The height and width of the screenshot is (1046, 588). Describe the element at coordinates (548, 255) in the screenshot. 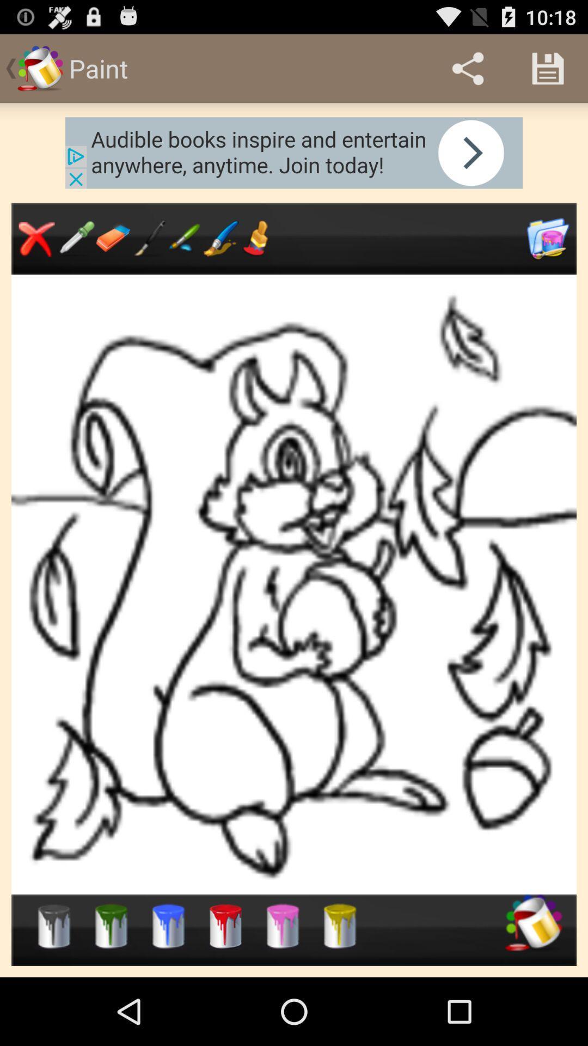

I see `the folder icon` at that location.